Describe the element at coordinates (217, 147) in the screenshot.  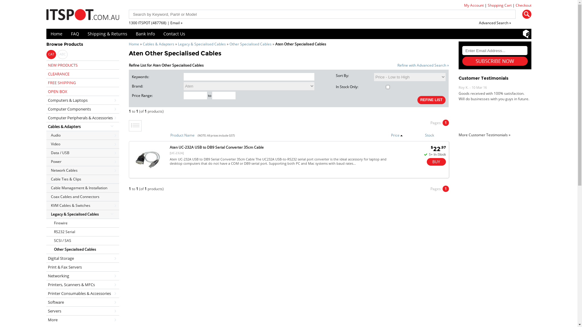
I see `'Aten UC-232A USB to DB9 Serial Converter 35cm Cable'` at that location.